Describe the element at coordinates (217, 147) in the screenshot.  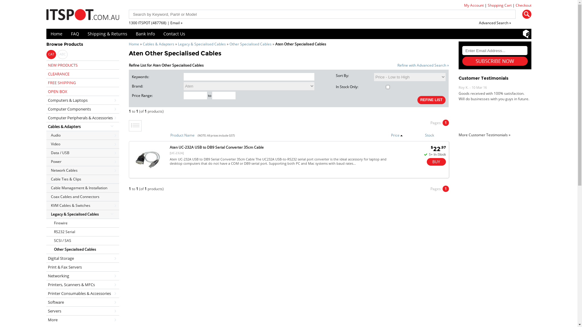
I see `'Aten UC-232A USB to DB9 Serial Converter 35cm Cable'` at that location.